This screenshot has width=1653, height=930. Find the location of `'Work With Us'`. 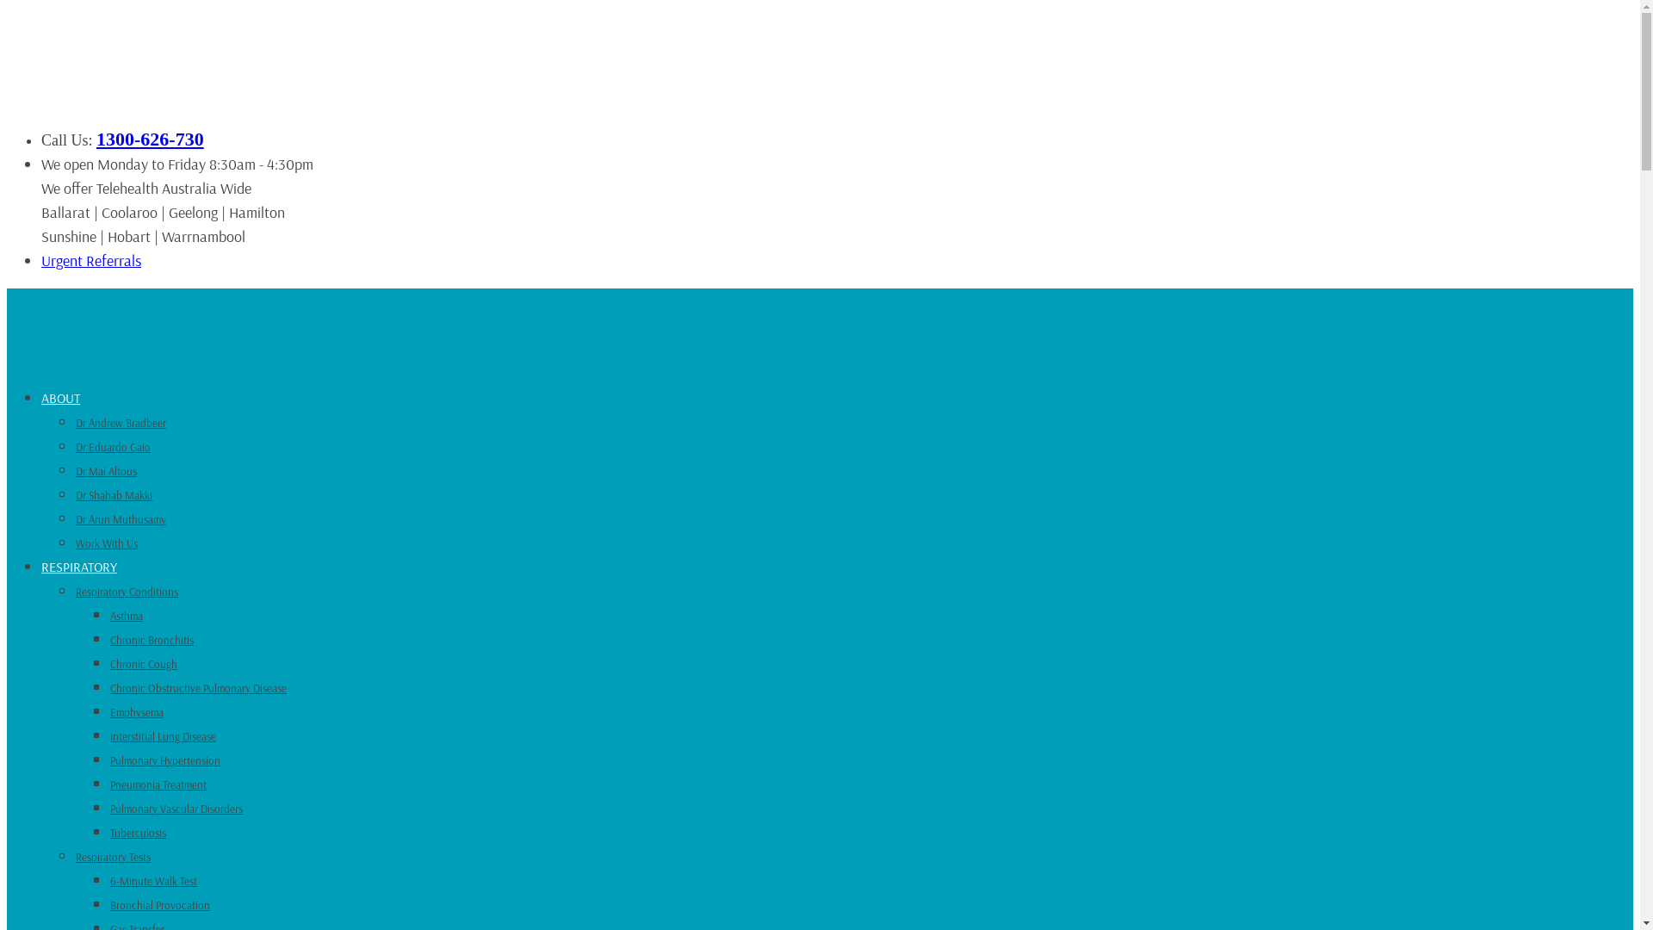

'Work With Us' is located at coordinates (106, 543).